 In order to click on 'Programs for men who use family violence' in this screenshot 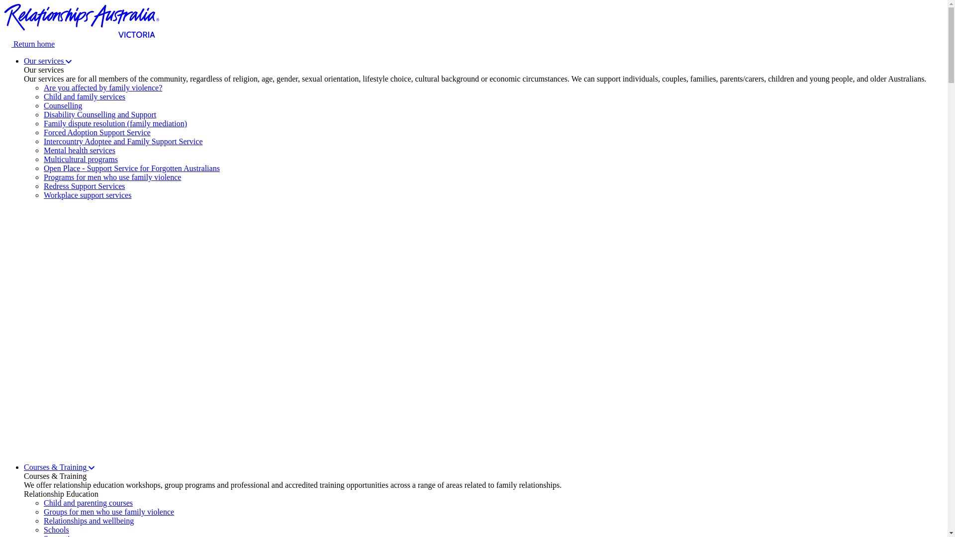, I will do `click(112, 177)`.